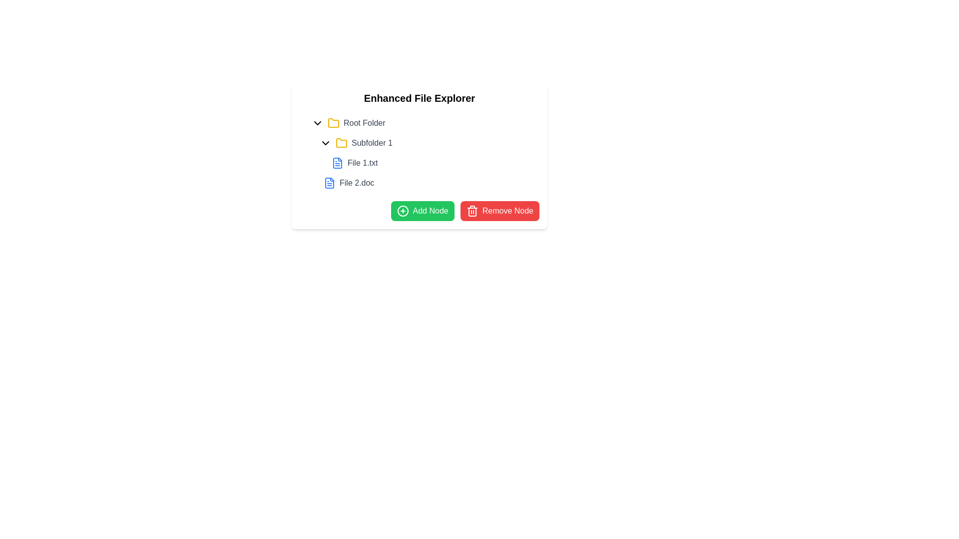 This screenshot has height=539, width=959. What do you see at coordinates (423, 211) in the screenshot?
I see `the green 'Add Node' button located at the bottom-right corner of the 'Enhanced File Explorer' card` at bounding box center [423, 211].